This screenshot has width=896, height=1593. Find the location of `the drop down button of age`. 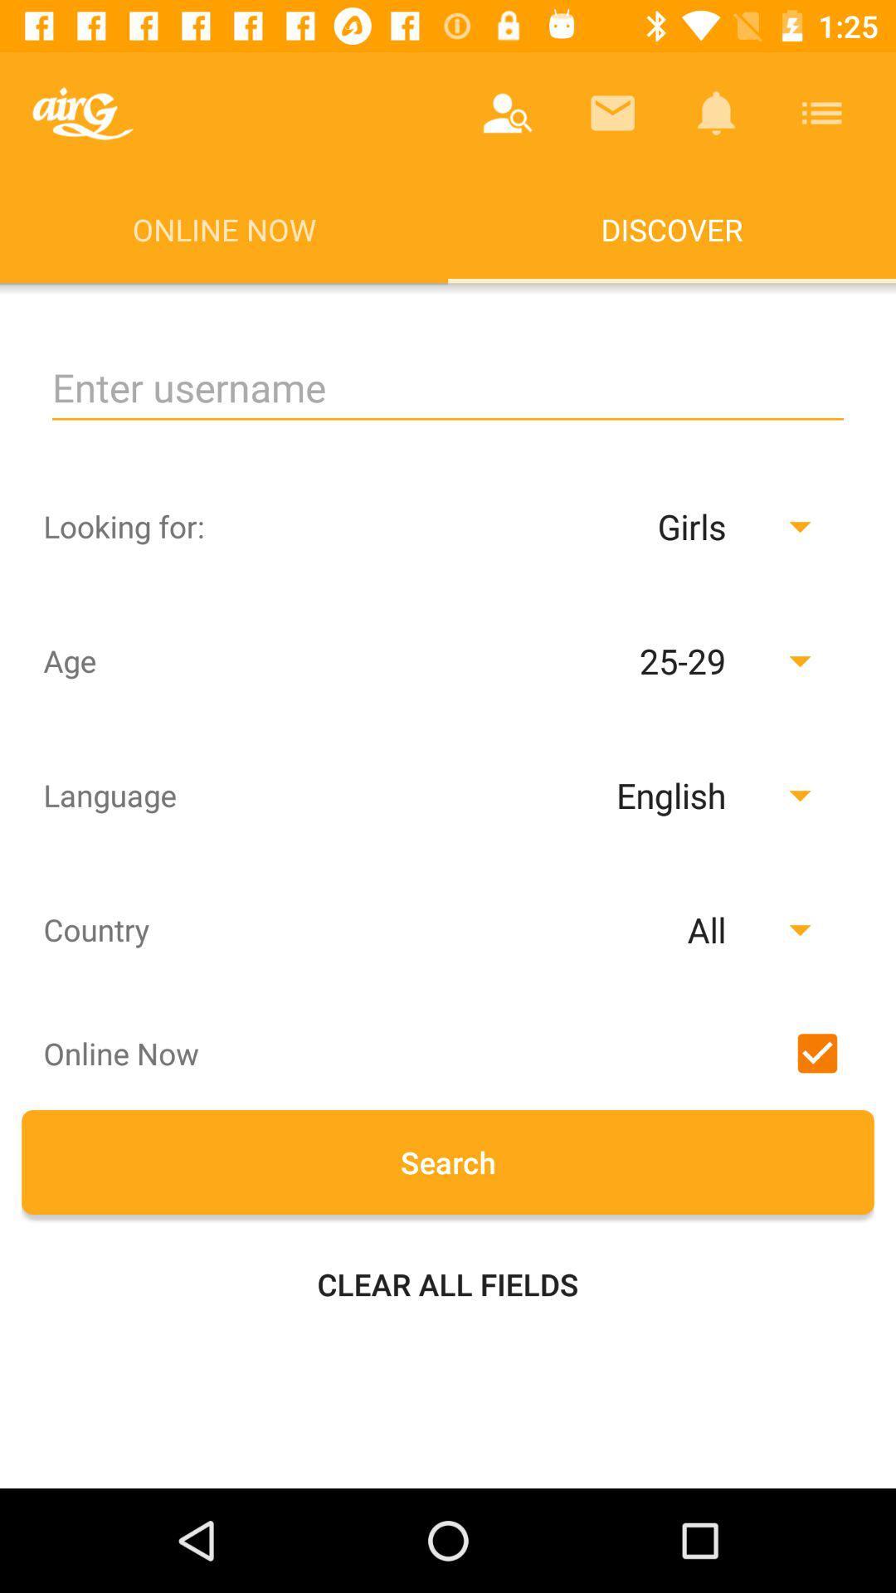

the drop down button of age is located at coordinates (725, 660).